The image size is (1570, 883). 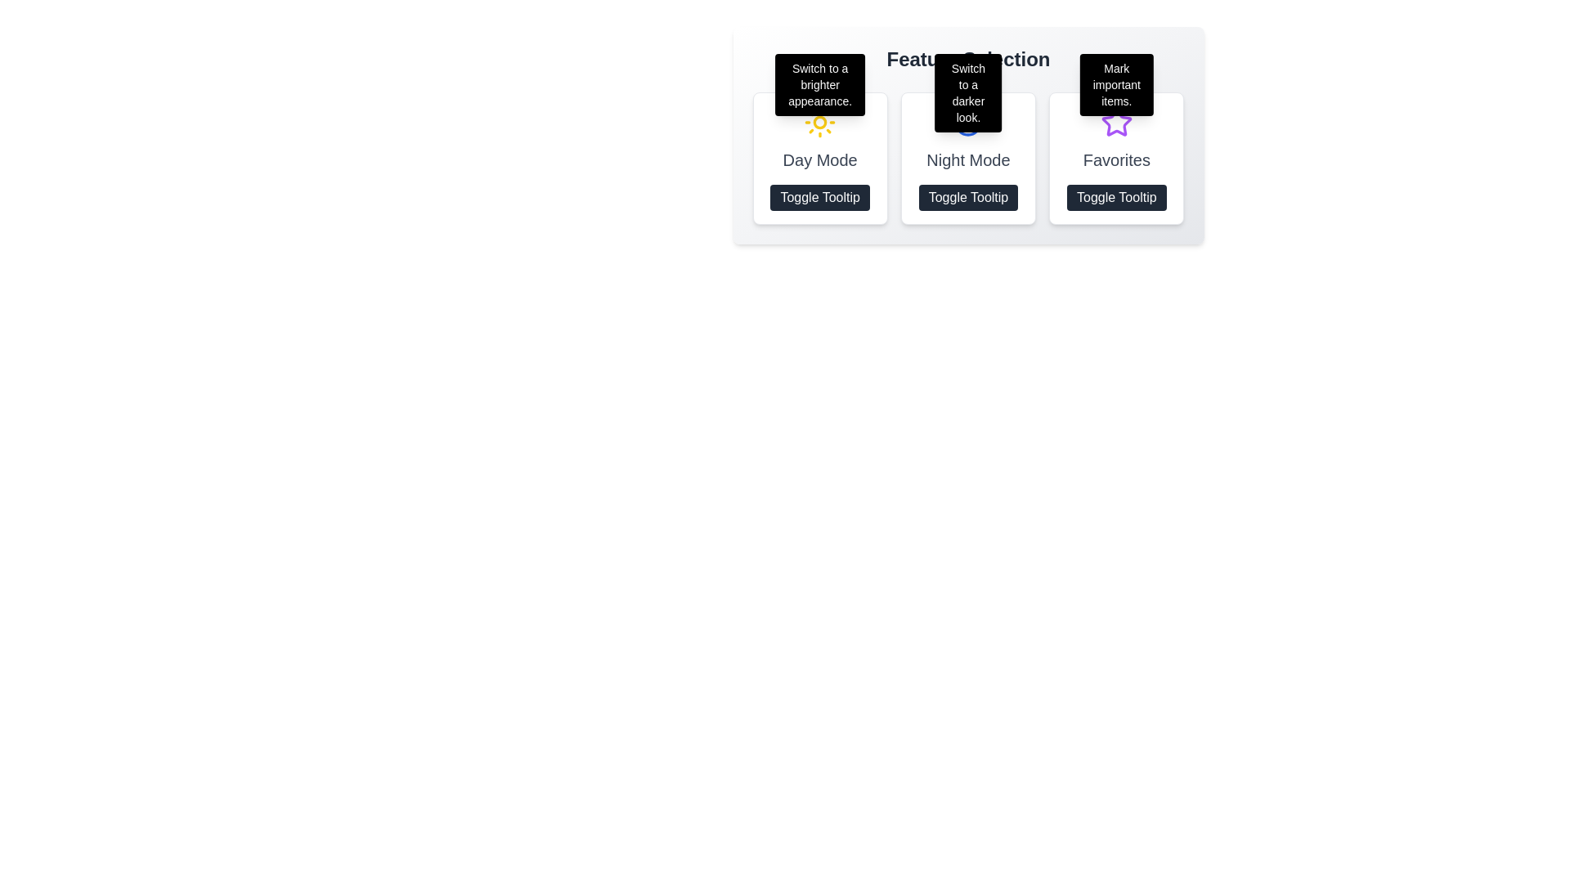 I want to click on the tooltip with the message 'Mark important items.' which is located above the 'Favorites' widget, styled with a black background and white text, so click(x=1115, y=85).